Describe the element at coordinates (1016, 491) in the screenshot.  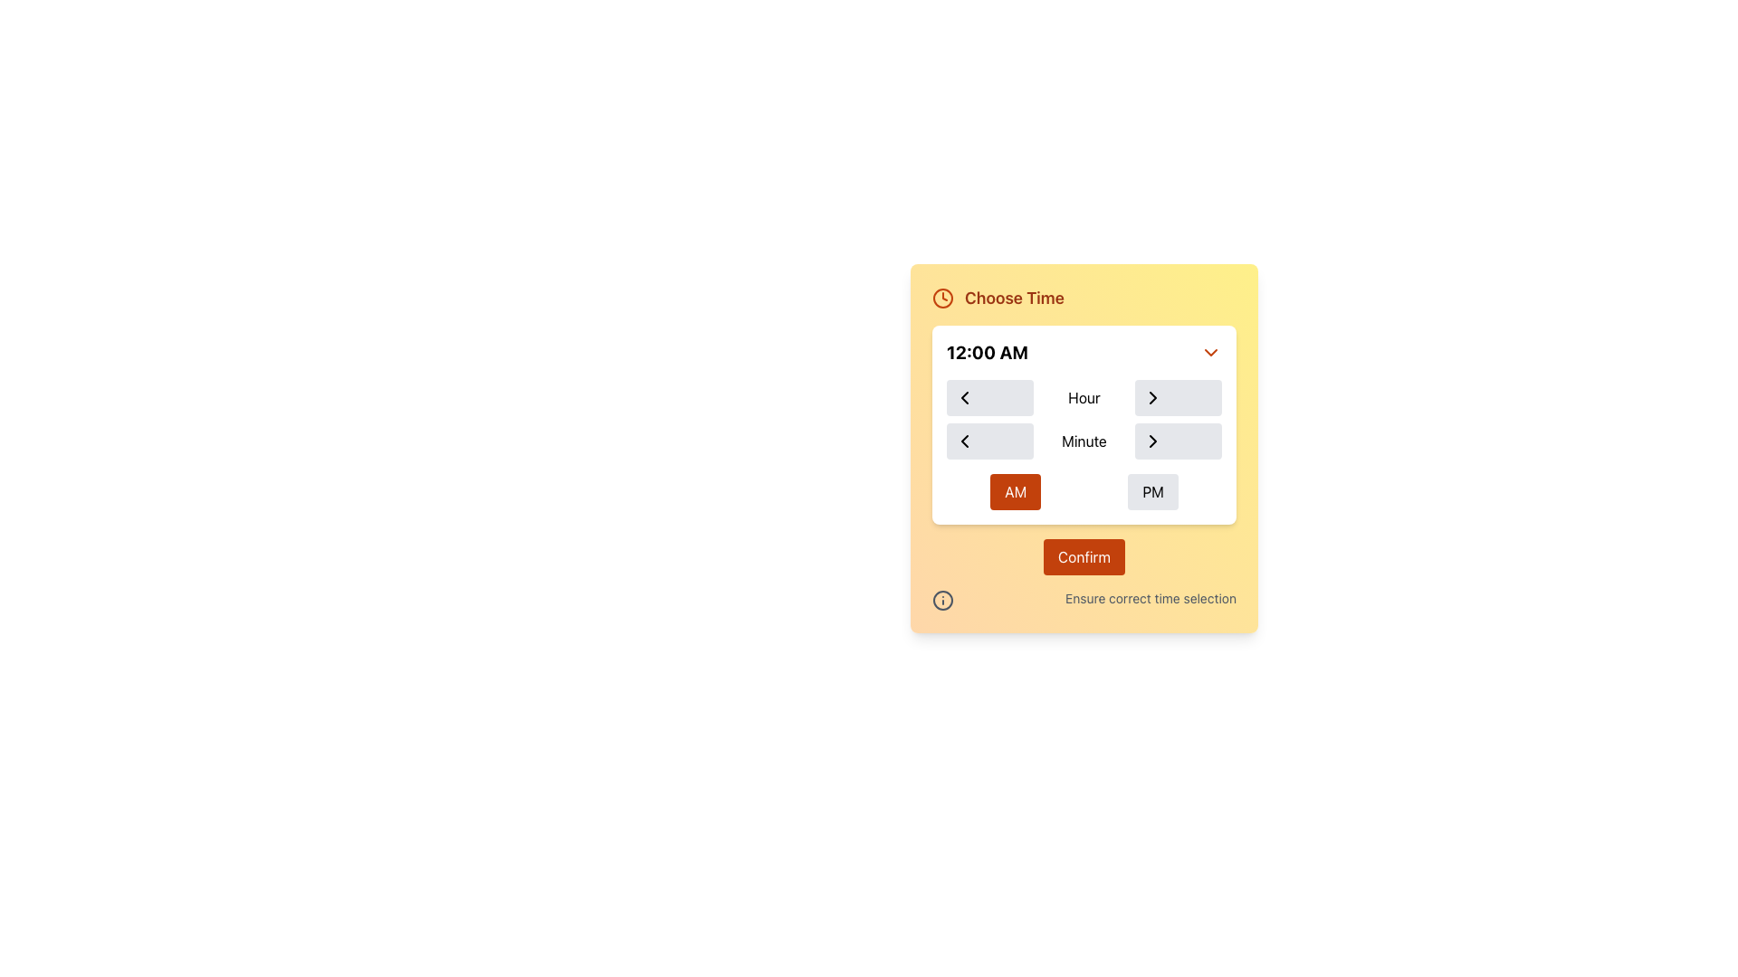
I see `the 'AM' toggle button in the 'Choose Time' interface` at that location.